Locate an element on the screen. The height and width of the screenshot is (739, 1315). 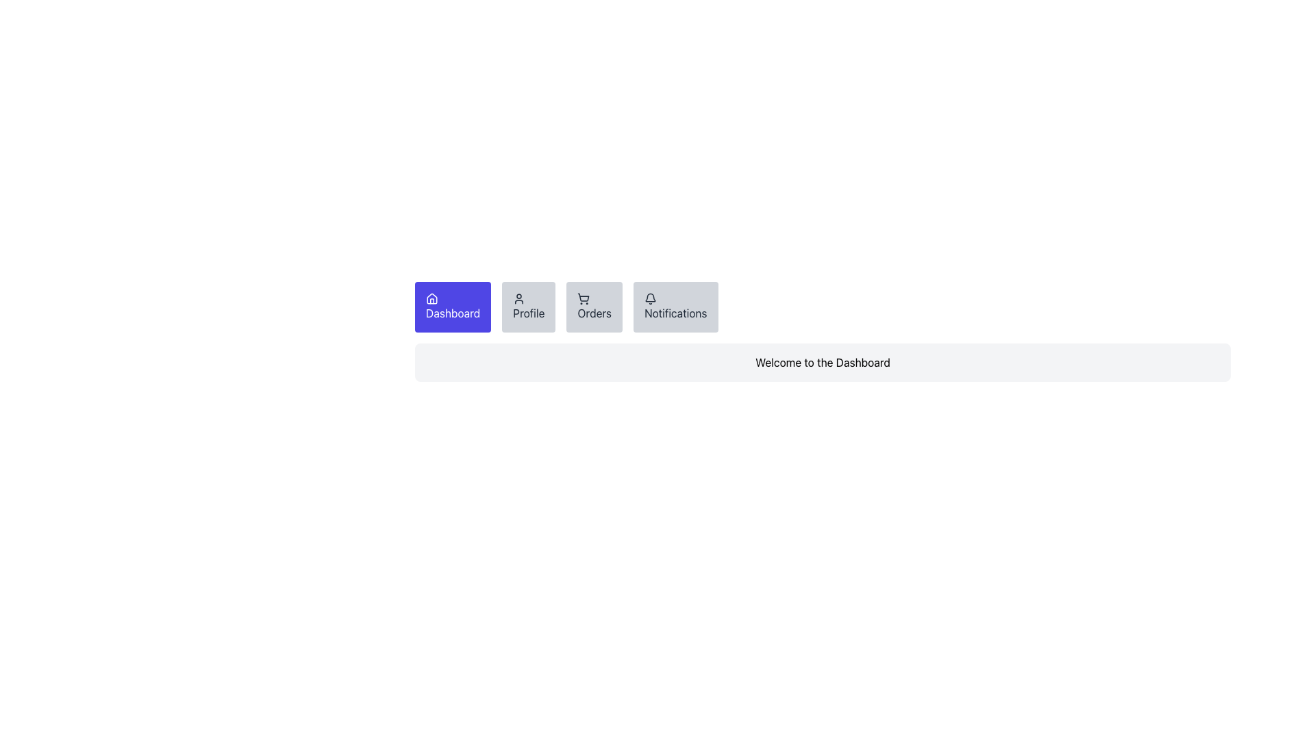
the 'Dashboard' button which contains a house icon on a purple background in the top-left navigation menu is located at coordinates (431, 298).